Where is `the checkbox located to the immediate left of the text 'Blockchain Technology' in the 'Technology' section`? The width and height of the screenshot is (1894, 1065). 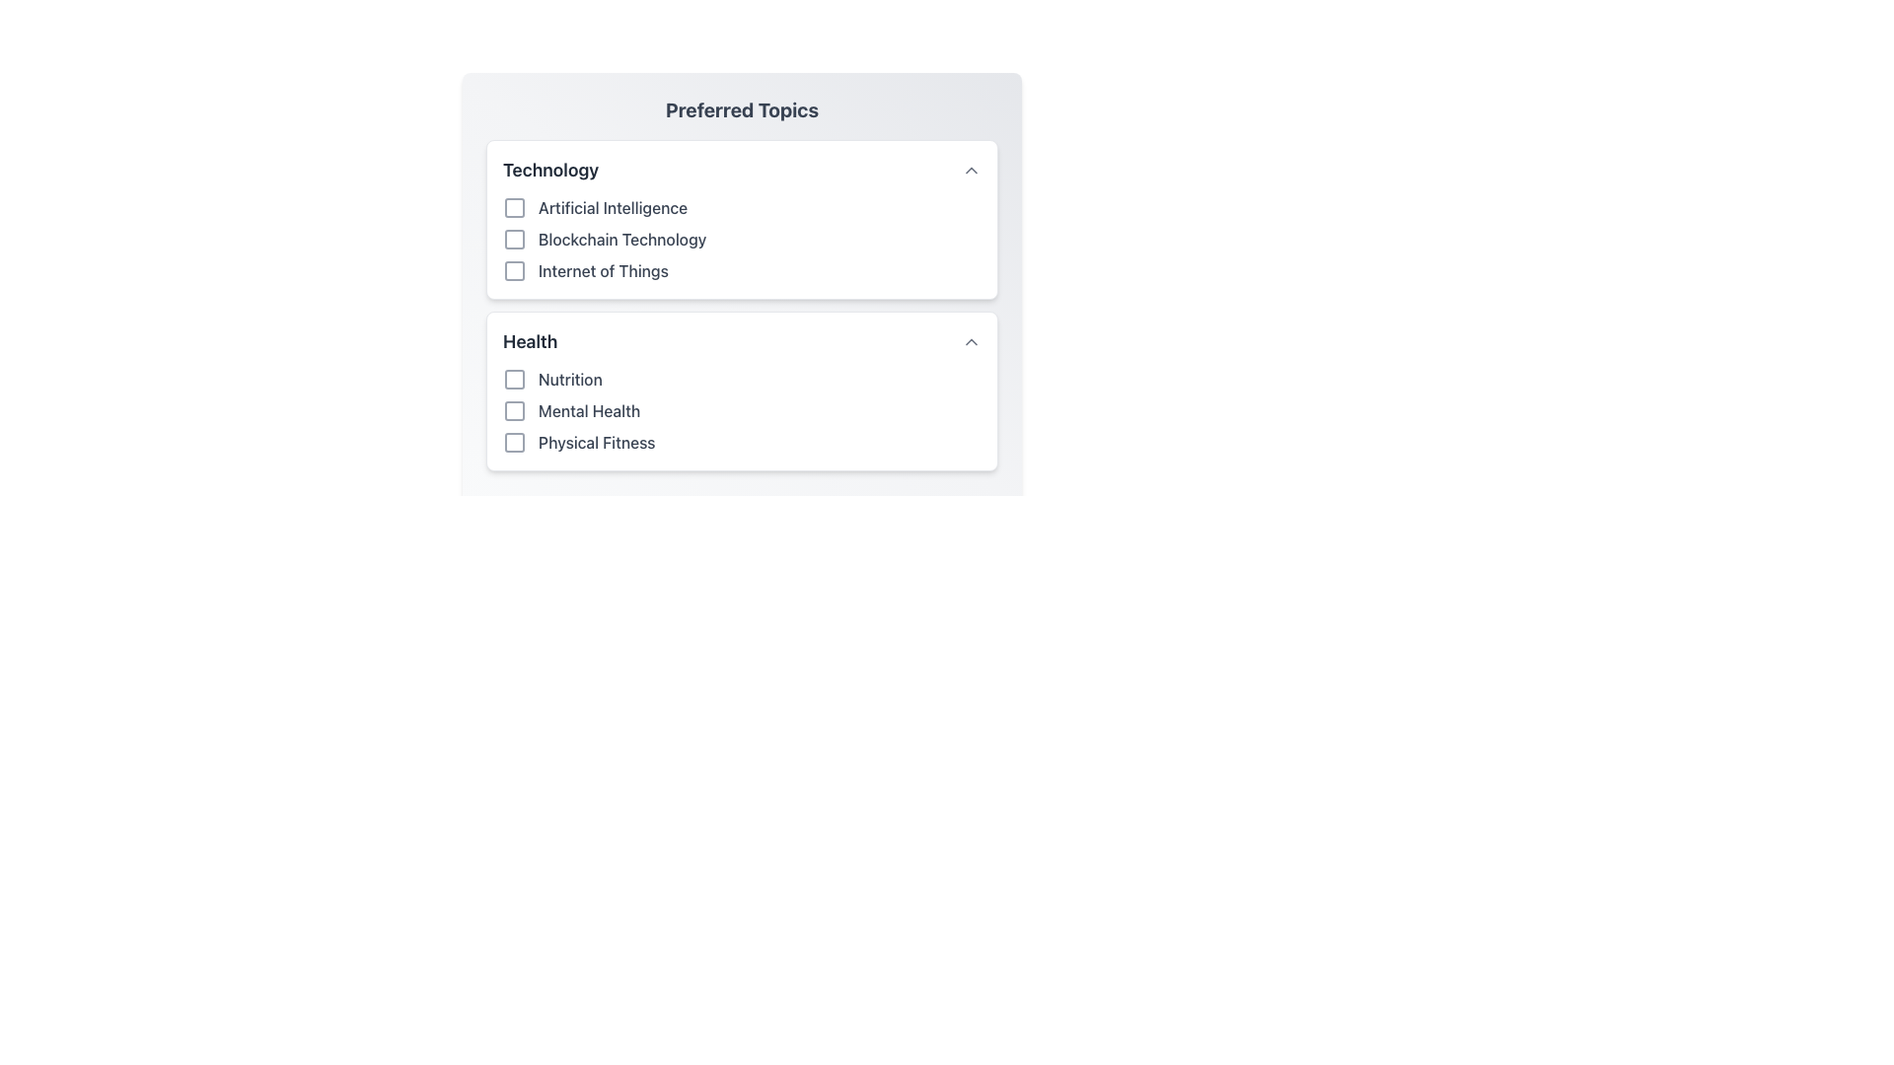 the checkbox located to the immediate left of the text 'Blockchain Technology' in the 'Technology' section is located at coordinates (515, 239).